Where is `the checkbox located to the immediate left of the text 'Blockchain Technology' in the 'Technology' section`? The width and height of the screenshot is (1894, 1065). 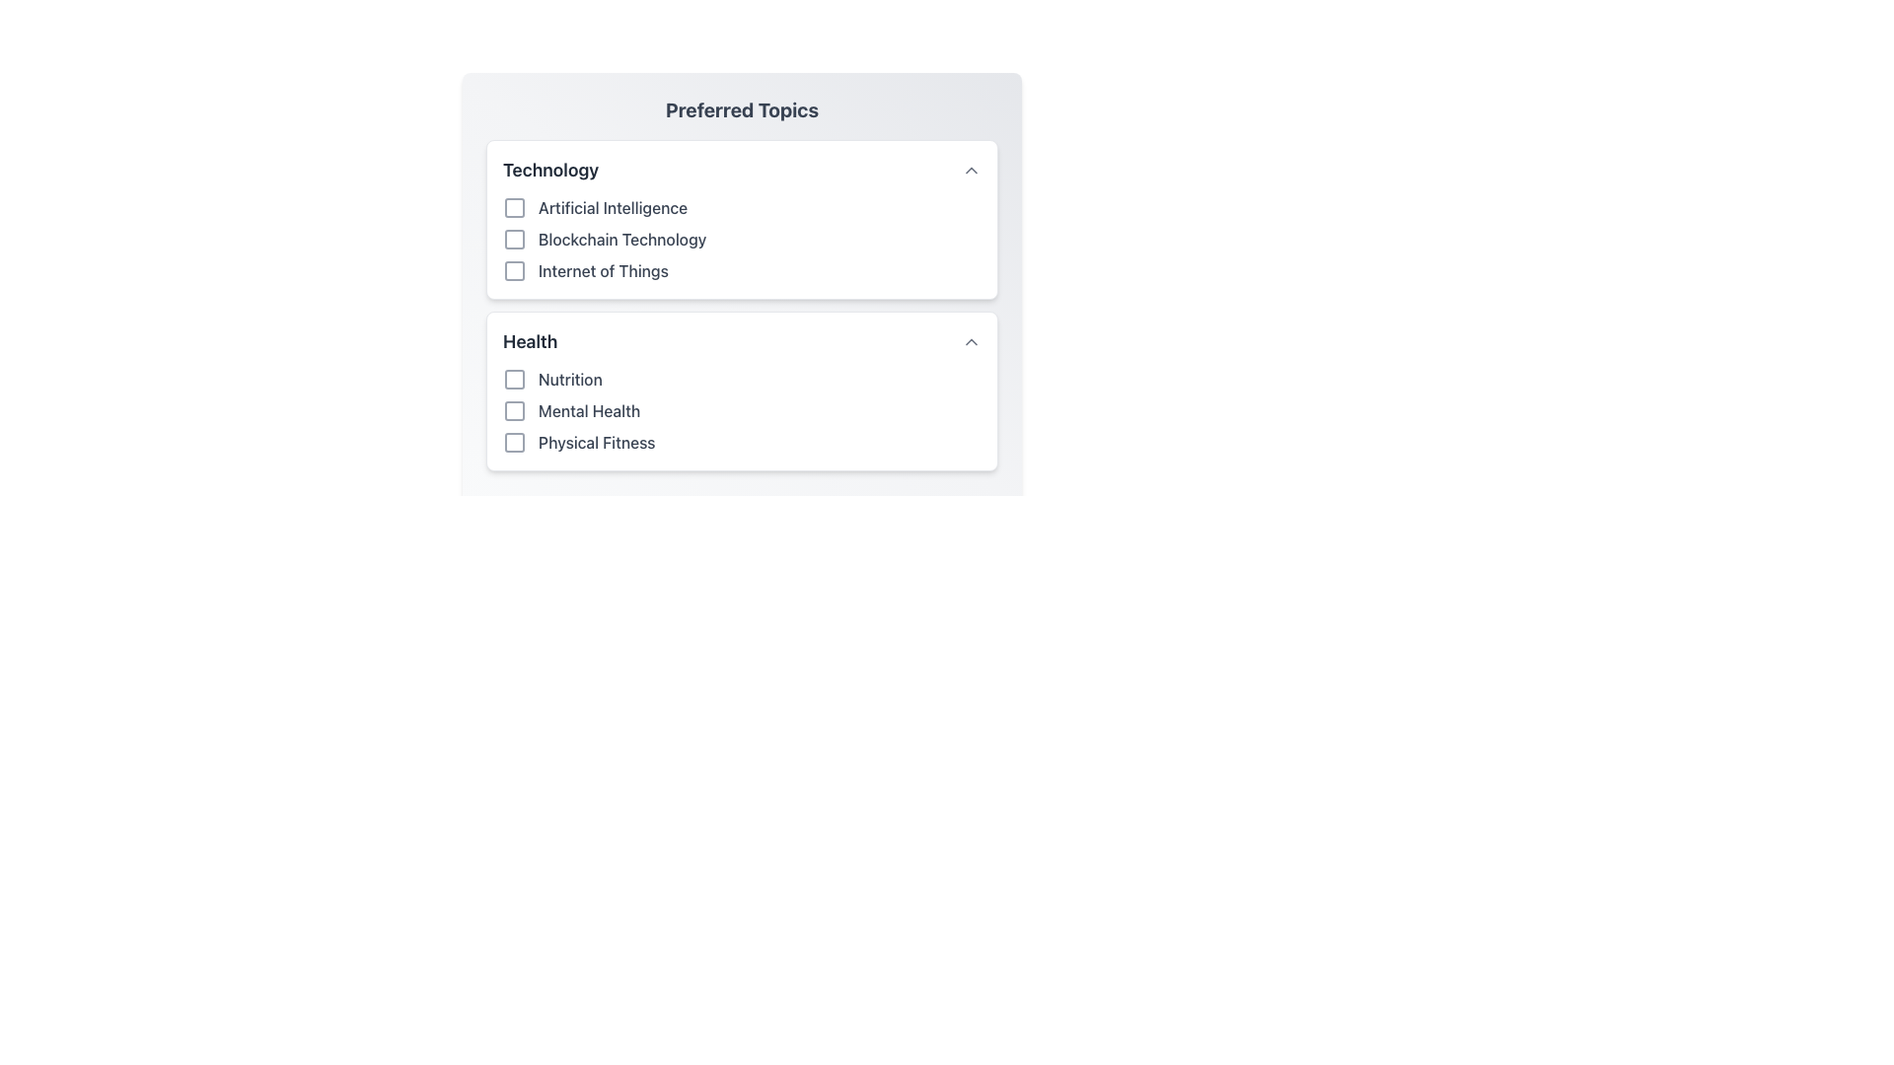 the checkbox located to the immediate left of the text 'Blockchain Technology' in the 'Technology' section is located at coordinates (515, 239).